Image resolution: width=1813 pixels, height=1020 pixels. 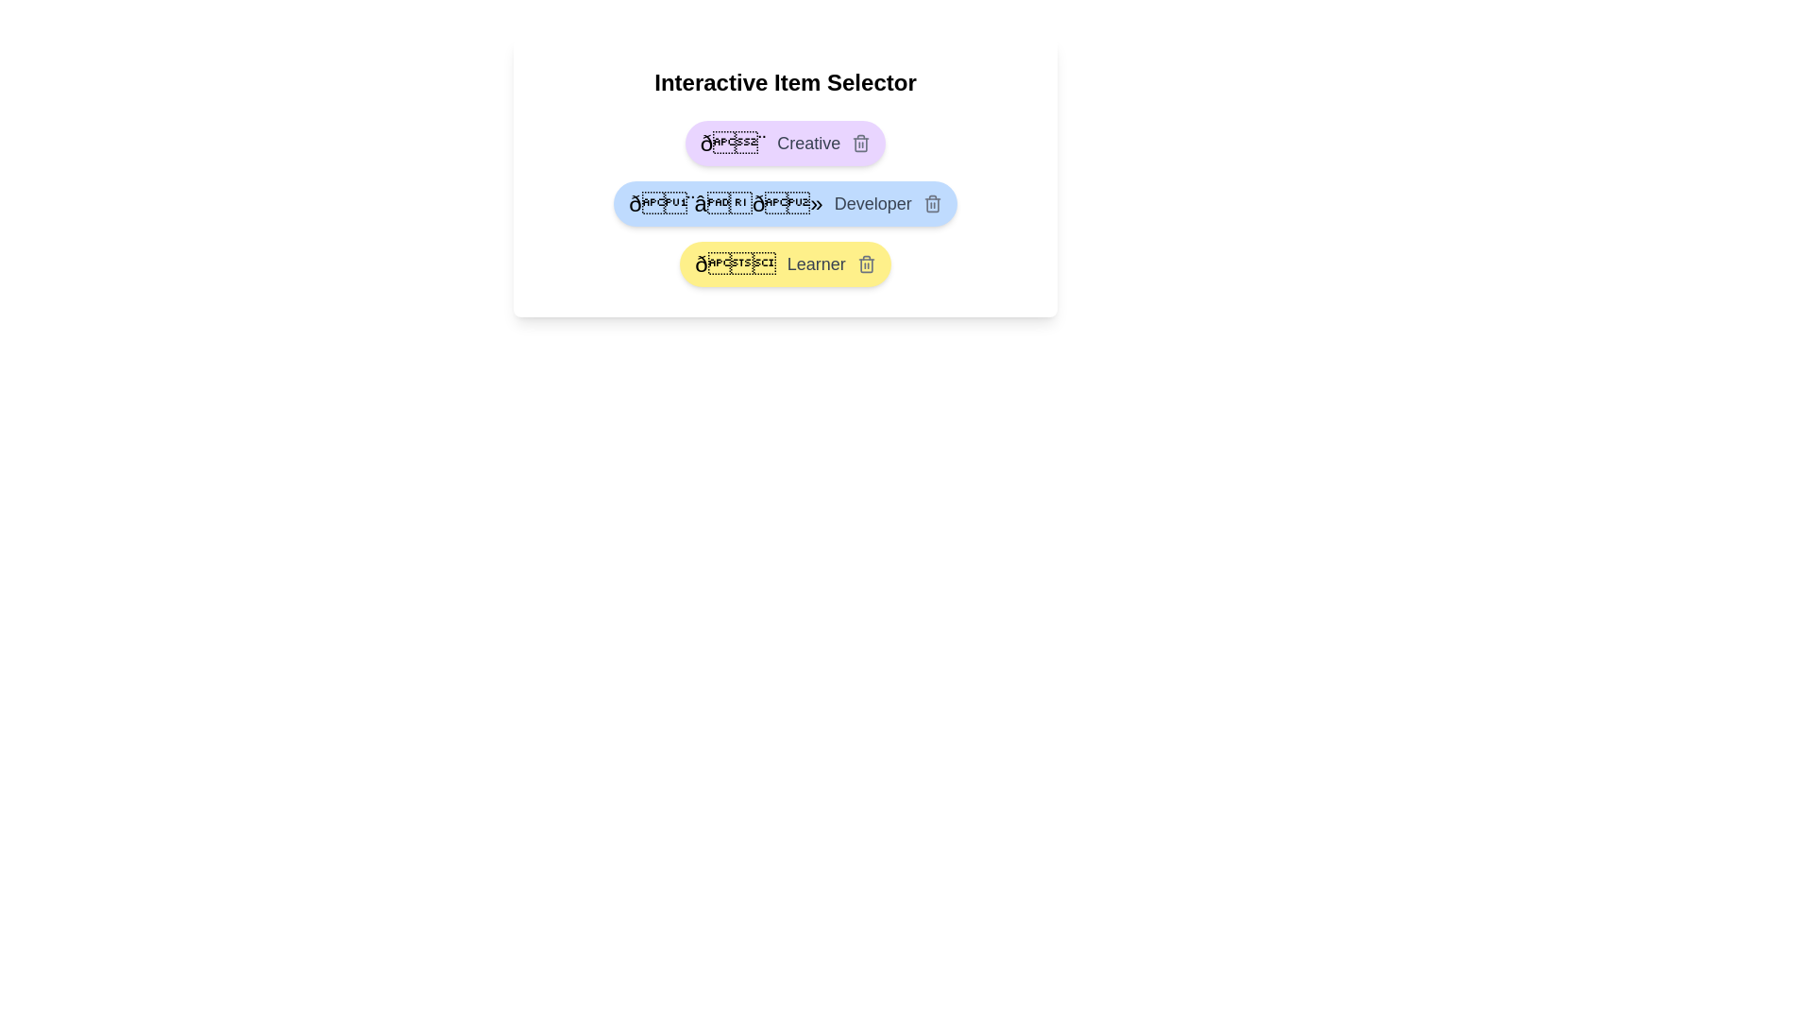 What do you see at coordinates (785, 204) in the screenshot?
I see `the item labeled Developer to inspect its appearance` at bounding box center [785, 204].